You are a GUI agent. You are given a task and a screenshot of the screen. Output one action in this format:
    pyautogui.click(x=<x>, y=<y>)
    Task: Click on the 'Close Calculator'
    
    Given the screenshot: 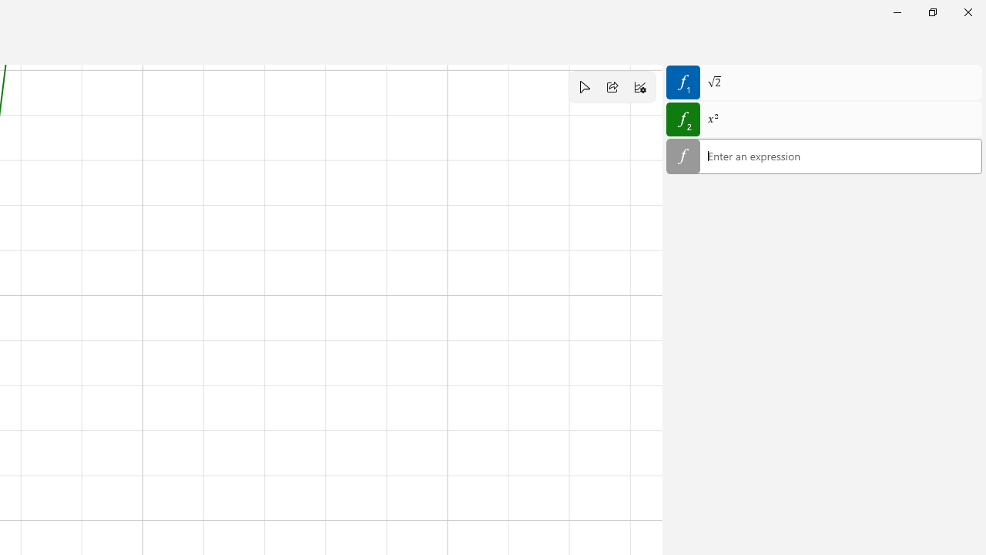 What is the action you would take?
    pyautogui.click(x=967, y=12)
    